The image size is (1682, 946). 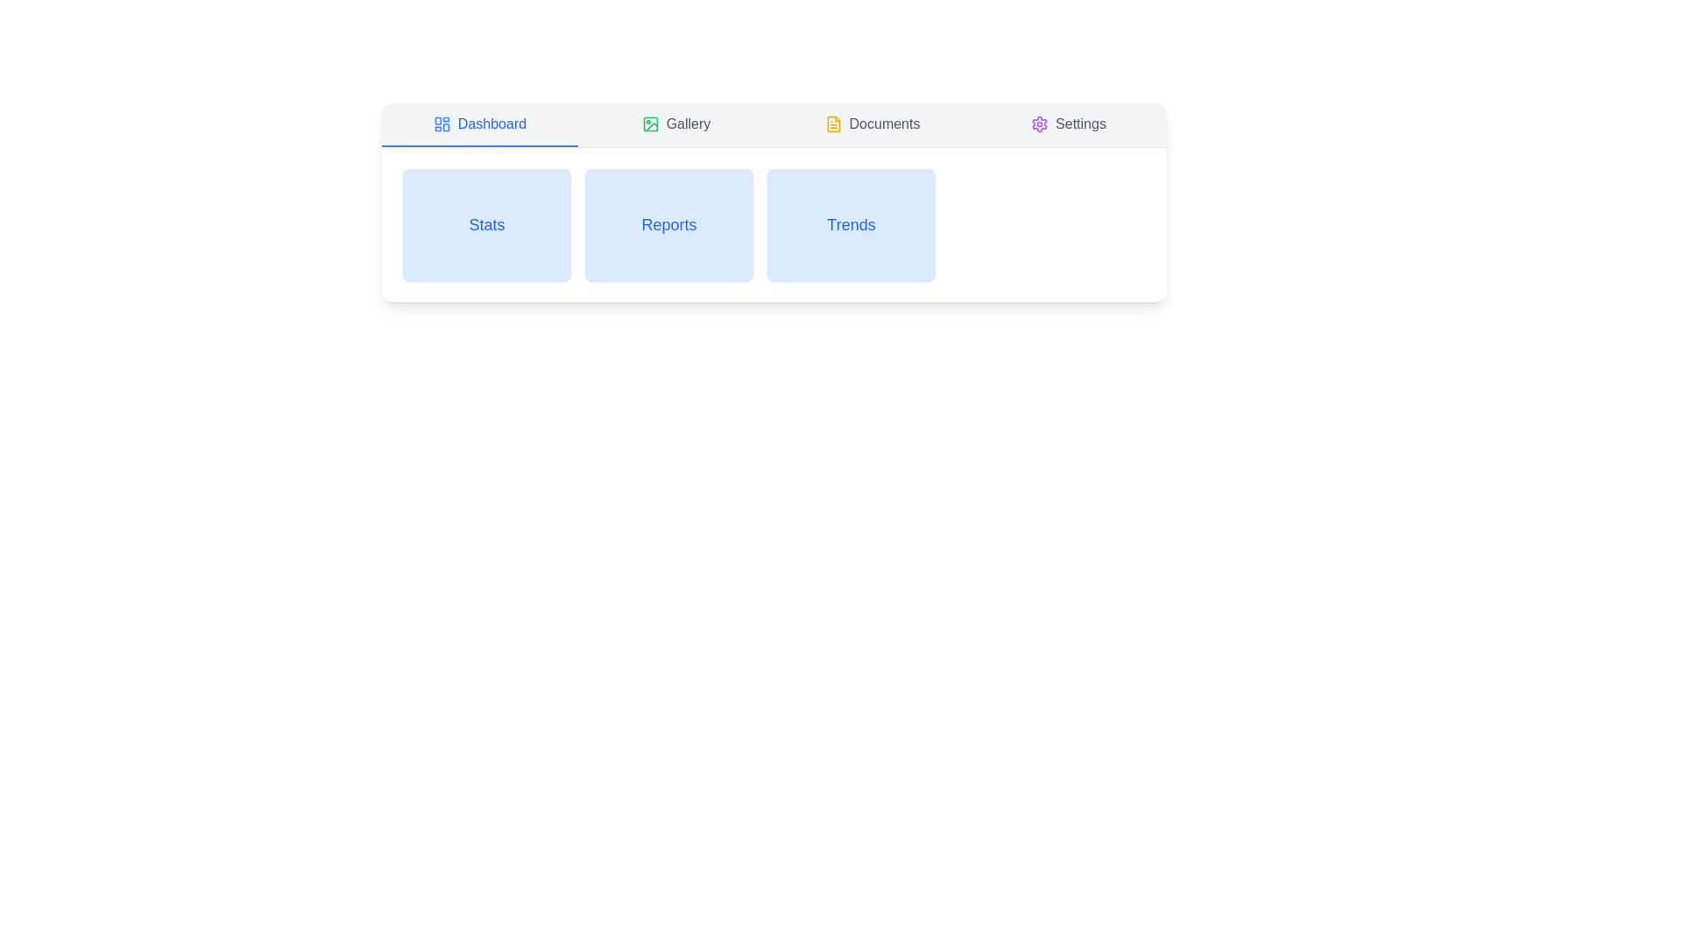 I want to click on the Navigation Tab element, which consists of a yellow file-like icon followed by the text 'Documents', located in the horizontal navigation bar at the top of the interface, so click(x=873, y=124).